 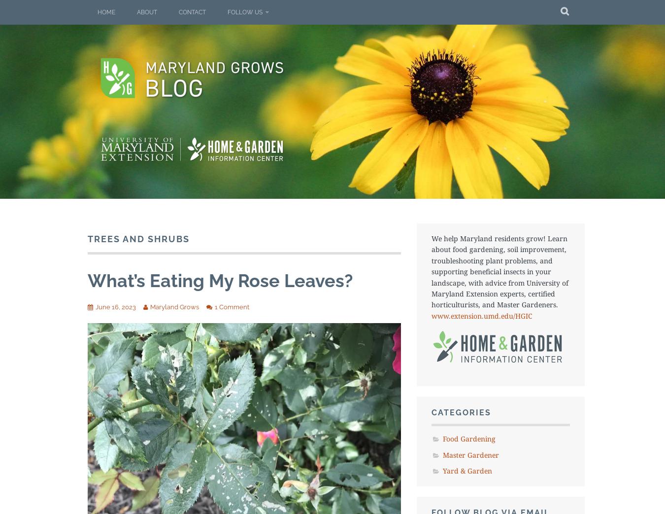 What do you see at coordinates (138, 239) in the screenshot?
I see `'trees and shrubs'` at bounding box center [138, 239].